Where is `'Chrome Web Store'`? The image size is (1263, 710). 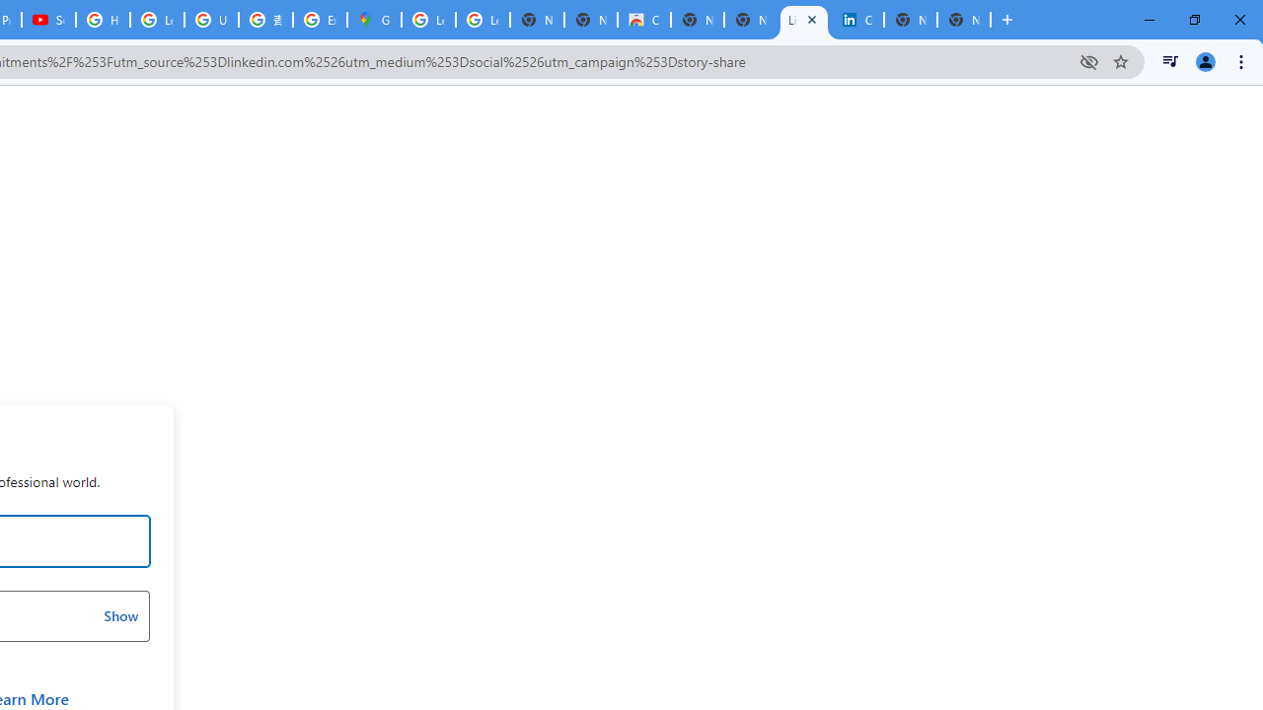 'Chrome Web Store' is located at coordinates (643, 20).